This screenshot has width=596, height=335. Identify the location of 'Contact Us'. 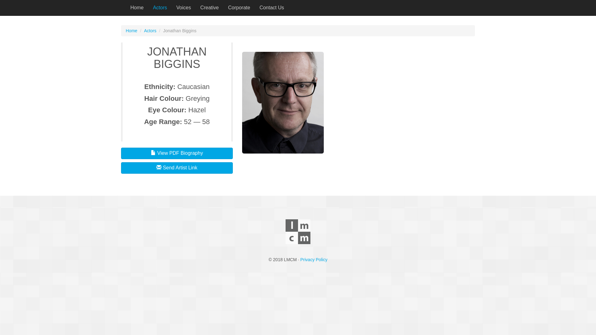
(255, 7).